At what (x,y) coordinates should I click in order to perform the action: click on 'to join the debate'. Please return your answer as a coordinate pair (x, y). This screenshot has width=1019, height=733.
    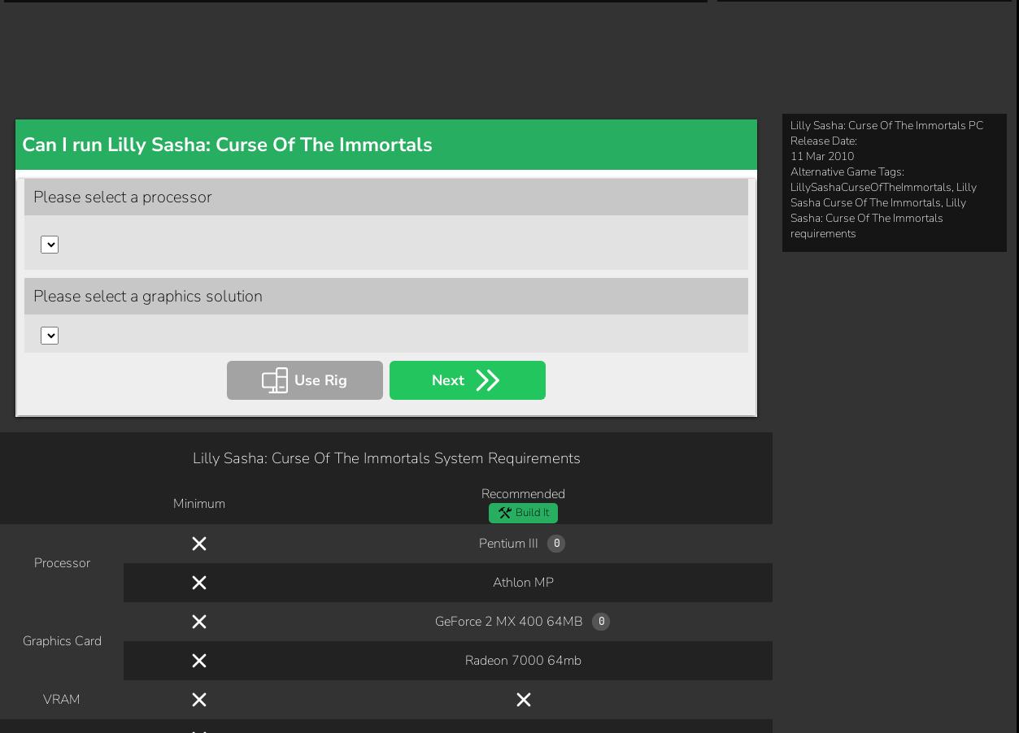
    Looking at the image, I should click on (580, 674).